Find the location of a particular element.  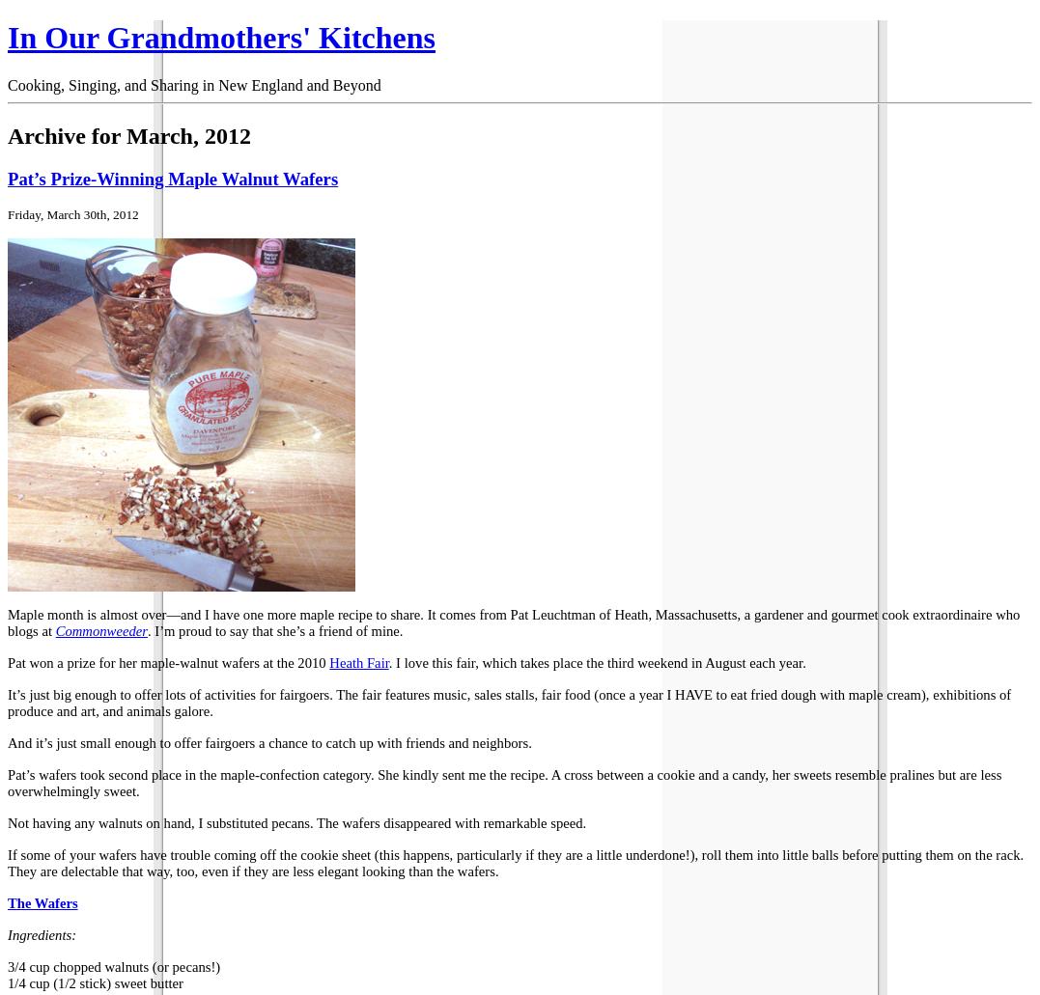

'Cooking, Singing, and Sharing in New England and Beyond' is located at coordinates (192, 84).